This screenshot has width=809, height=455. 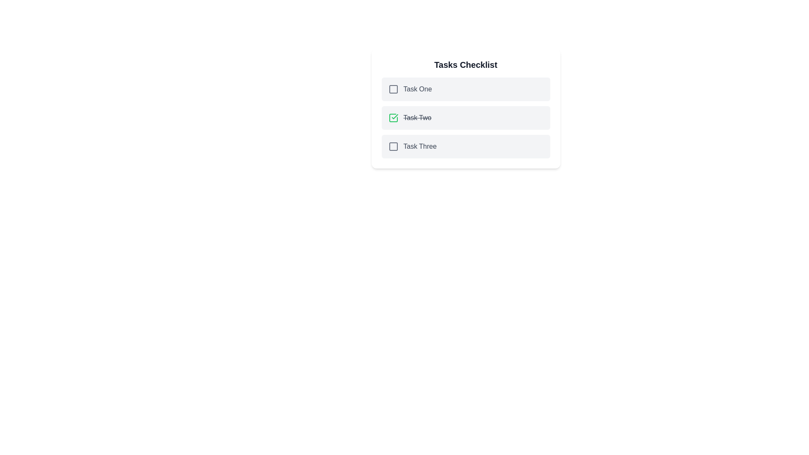 What do you see at coordinates (393, 89) in the screenshot?
I see `the square icon styled with a stroke of currentColor, located to the left of the text 'Task One'` at bounding box center [393, 89].